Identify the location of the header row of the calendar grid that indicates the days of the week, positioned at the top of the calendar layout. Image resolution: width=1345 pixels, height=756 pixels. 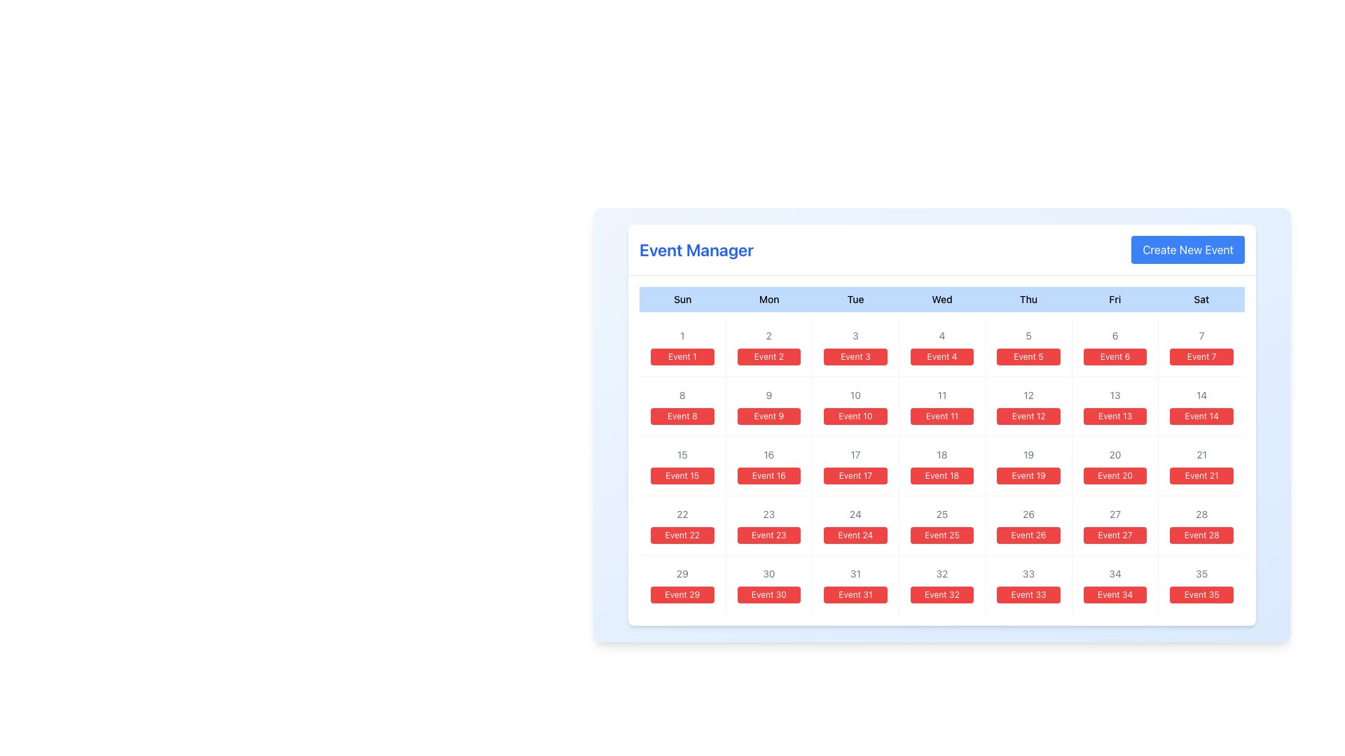
(941, 299).